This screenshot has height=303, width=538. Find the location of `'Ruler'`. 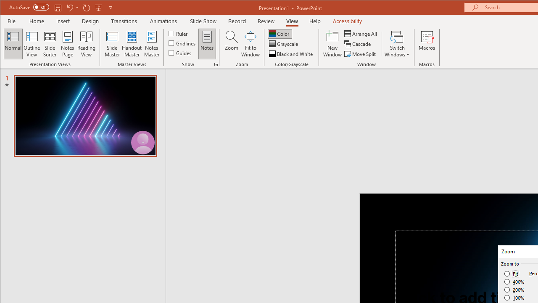

'Ruler' is located at coordinates (178, 33).